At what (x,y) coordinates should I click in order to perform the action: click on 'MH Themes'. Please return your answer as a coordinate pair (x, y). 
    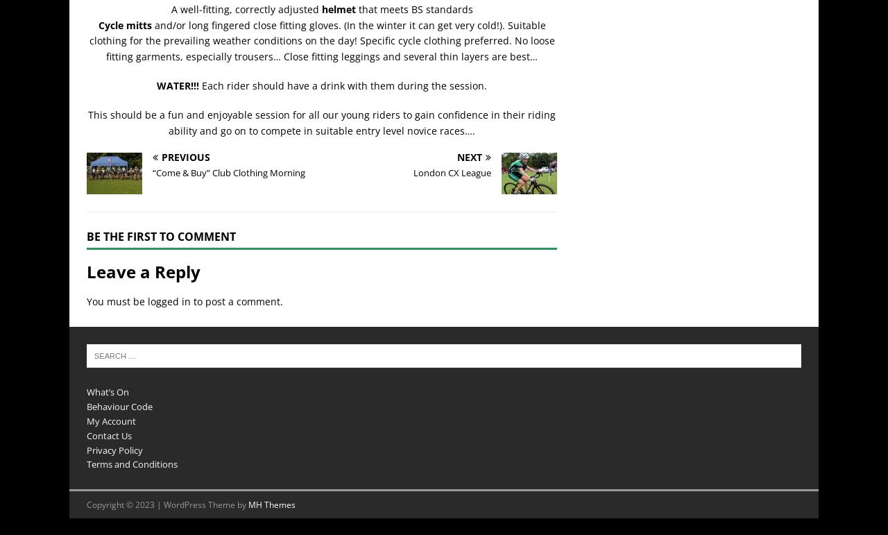
    Looking at the image, I should click on (248, 504).